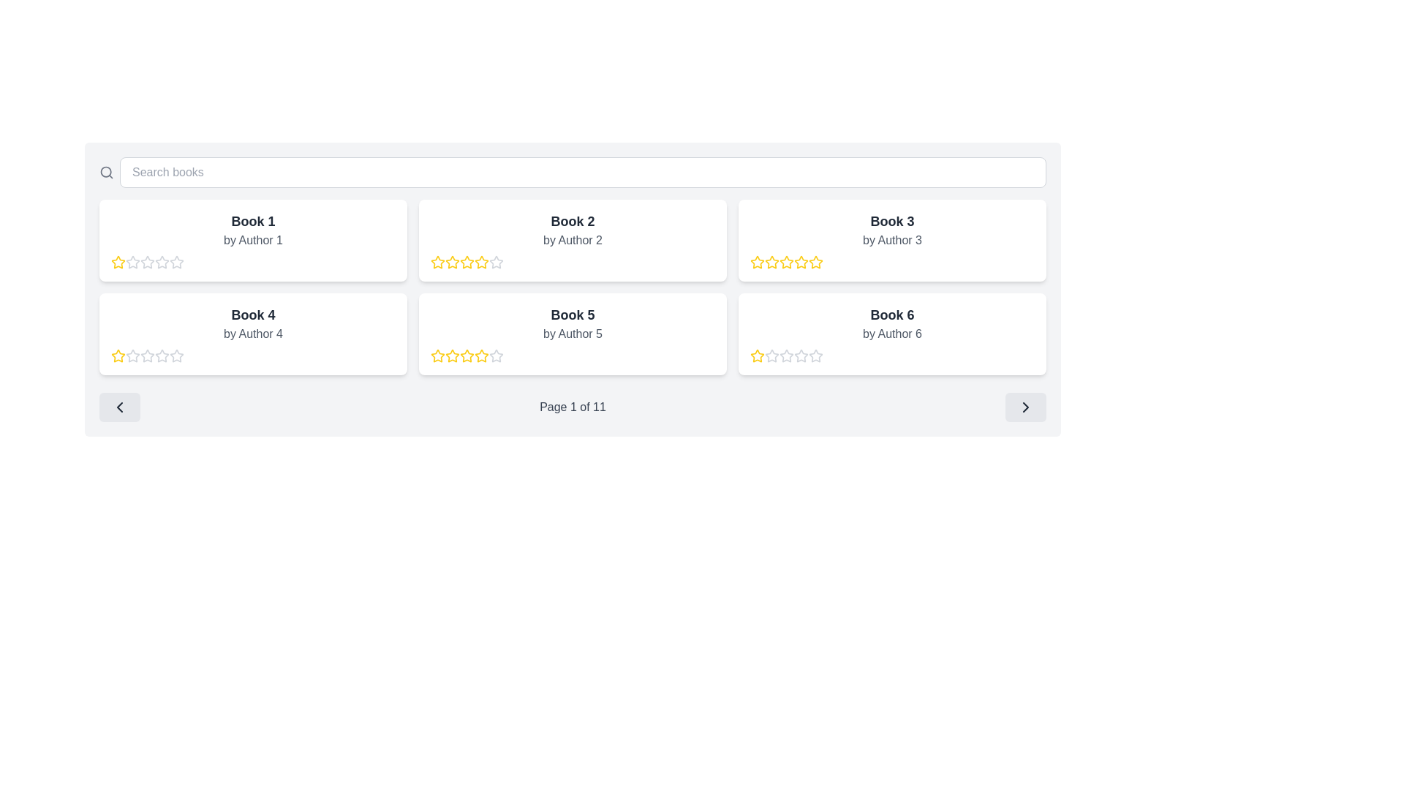  I want to click on the first rating star for the product 'Book 1', which is the leftmost star in the rating system below the title and subtitle, so click(133, 261).